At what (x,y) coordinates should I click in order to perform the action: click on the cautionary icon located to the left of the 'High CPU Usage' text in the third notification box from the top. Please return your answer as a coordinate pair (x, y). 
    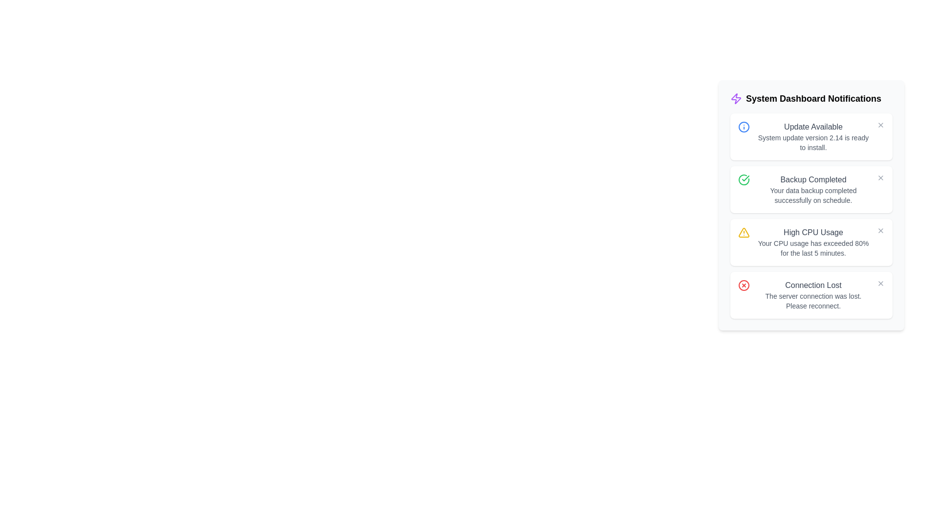
    Looking at the image, I should click on (743, 232).